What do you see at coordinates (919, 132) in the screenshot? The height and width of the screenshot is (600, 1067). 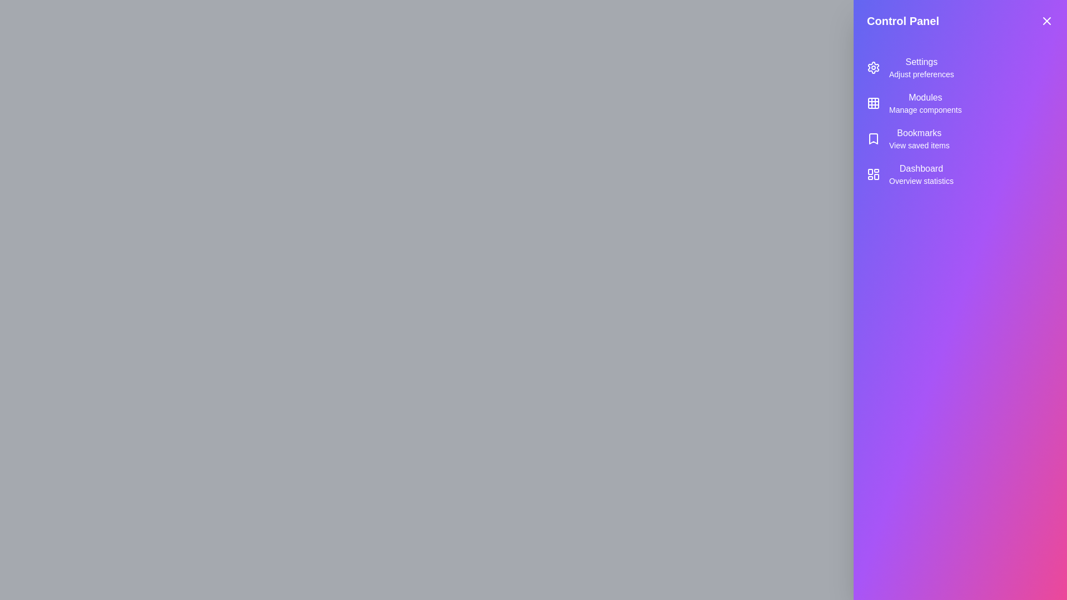 I see `the text label 'Bookmarks' which is displayed in a bold font within the vertical menu, located in the right panel of the interface, specifically under 'Modules' and above 'Dashboard'` at bounding box center [919, 132].